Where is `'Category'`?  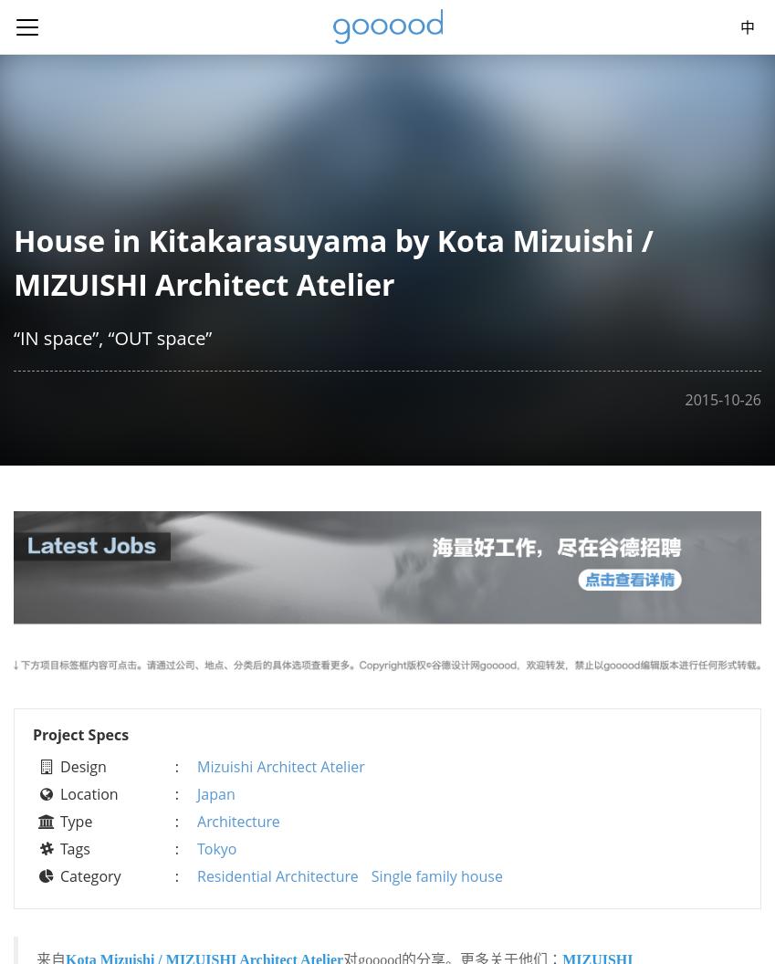
'Category' is located at coordinates (89, 875).